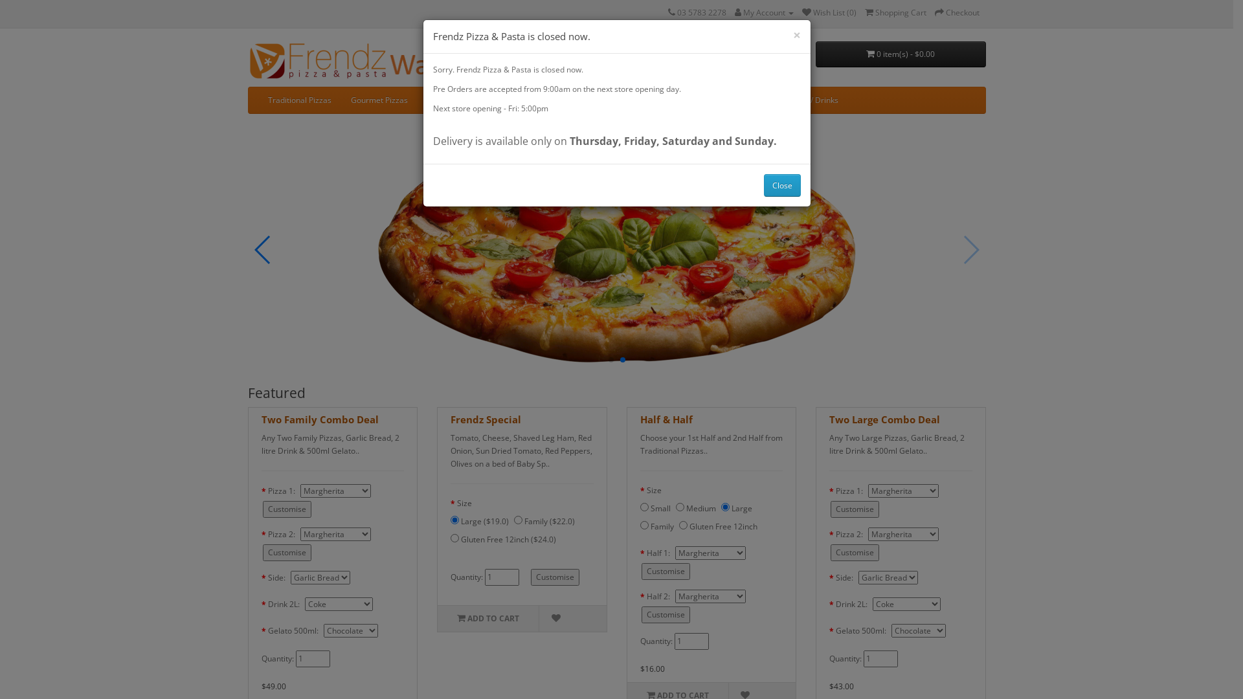  What do you see at coordinates (487, 618) in the screenshot?
I see `'ADD TO CART'` at bounding box center [487, 618].